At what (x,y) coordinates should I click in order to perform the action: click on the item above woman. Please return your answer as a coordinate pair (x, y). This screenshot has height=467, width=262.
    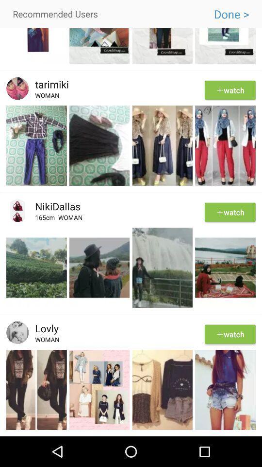
    Looking at the image, I should click on (43, 328).